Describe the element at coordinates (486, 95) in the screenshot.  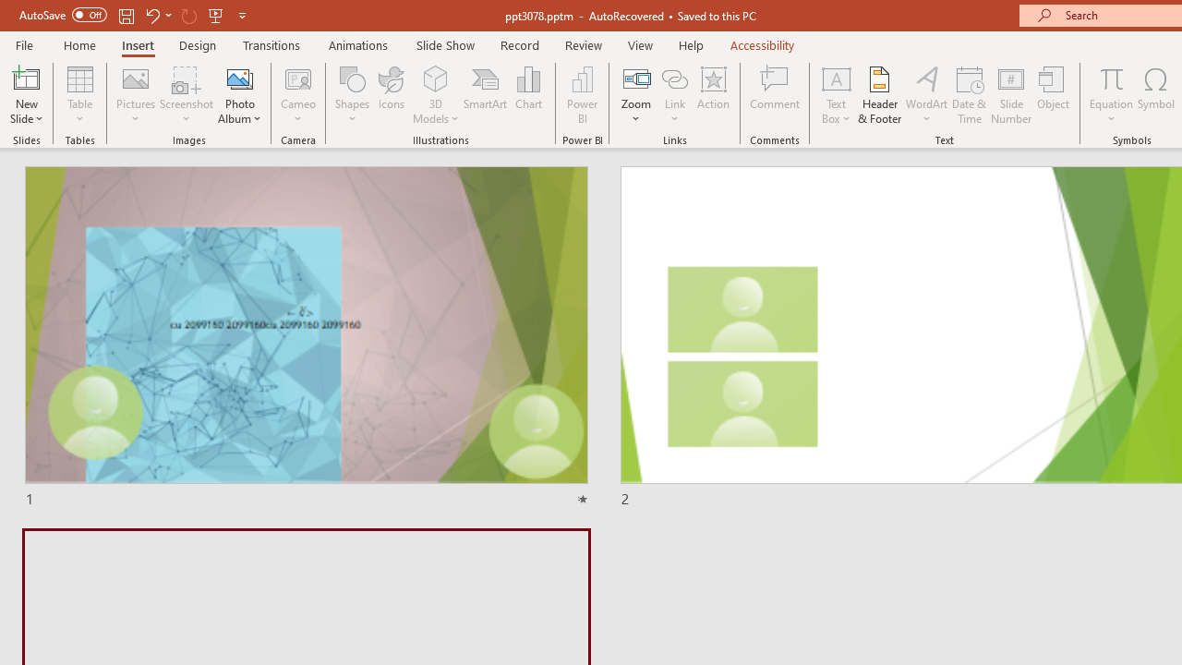
I see `'SmartArt...'` at that location.